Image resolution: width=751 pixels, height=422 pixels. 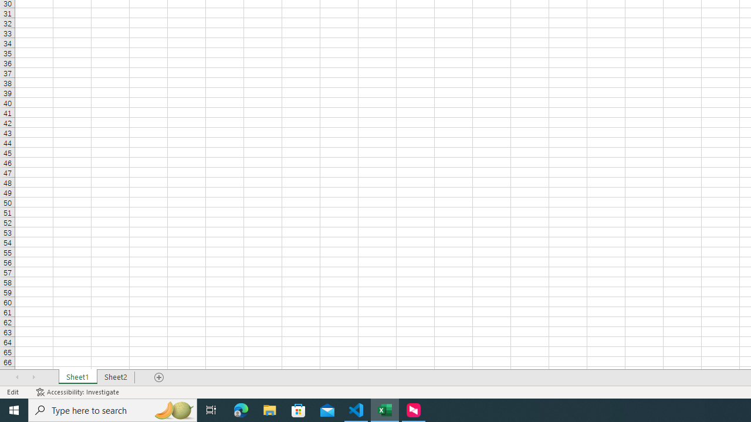 I want to click on 'Add Sheet', so click(x=159, y=377).